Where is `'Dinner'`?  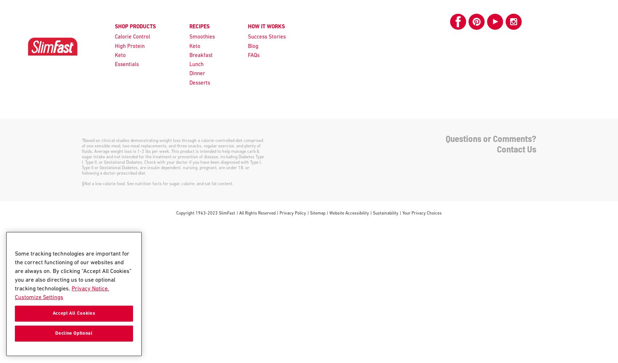
'Dinner' is located at coordinates (196, 73).